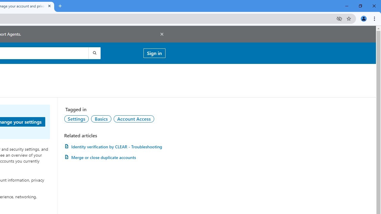 This screenshot has height=214, width=381. What do you see at coordinates (76, 119) in the screenshot?
I see `'AutomationID: topic-link-a149001'` at bounding box center [76, 119].